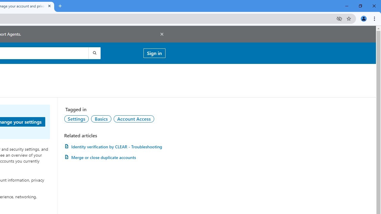 This screenshot has height=214, width=381. What do you see at coordinates (76, 119) in the screenshot?
I see `'AutomationID: topic-link-a149001'` at bounding box center [76, 119].